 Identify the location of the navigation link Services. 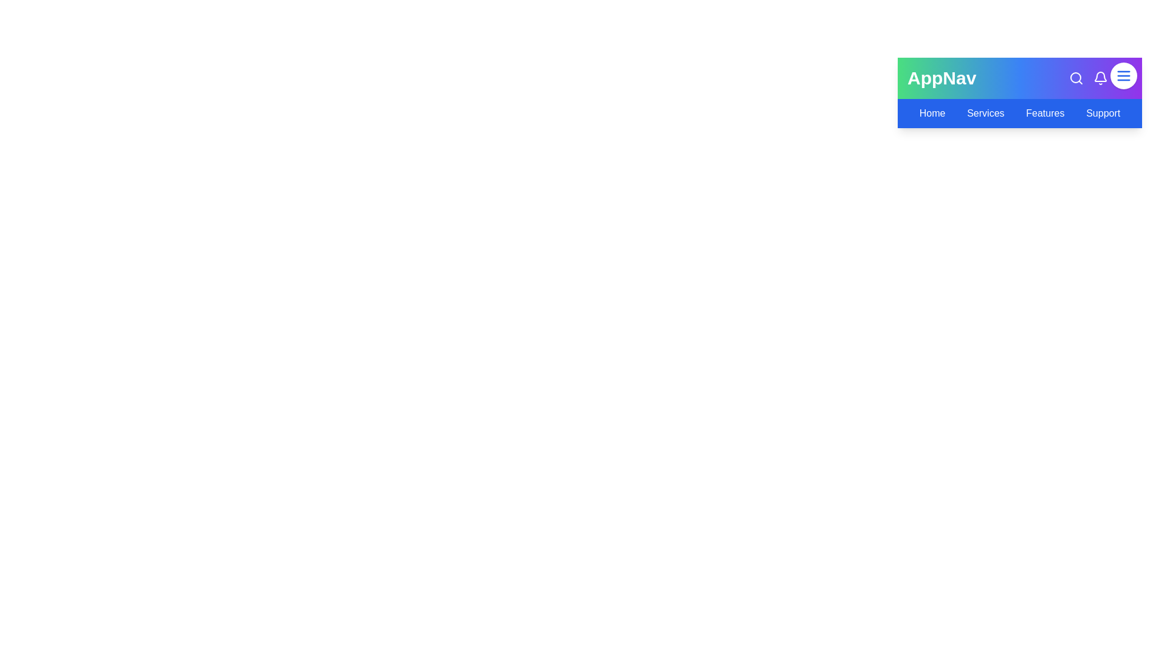
(986, 113).